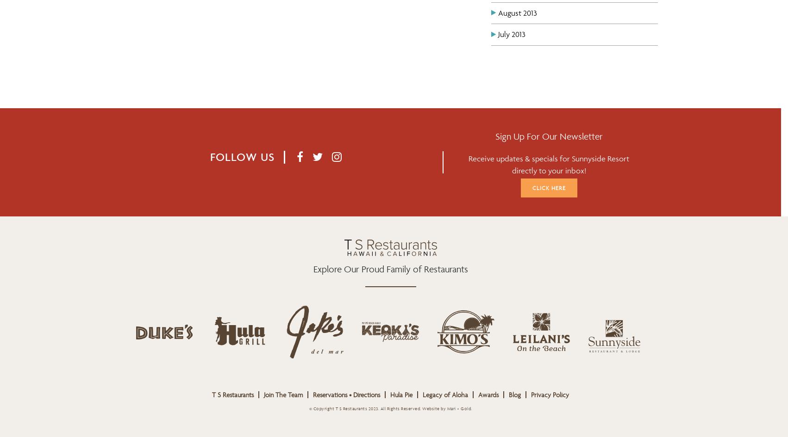  I want to click on 'July 2013', so click(511, 33).